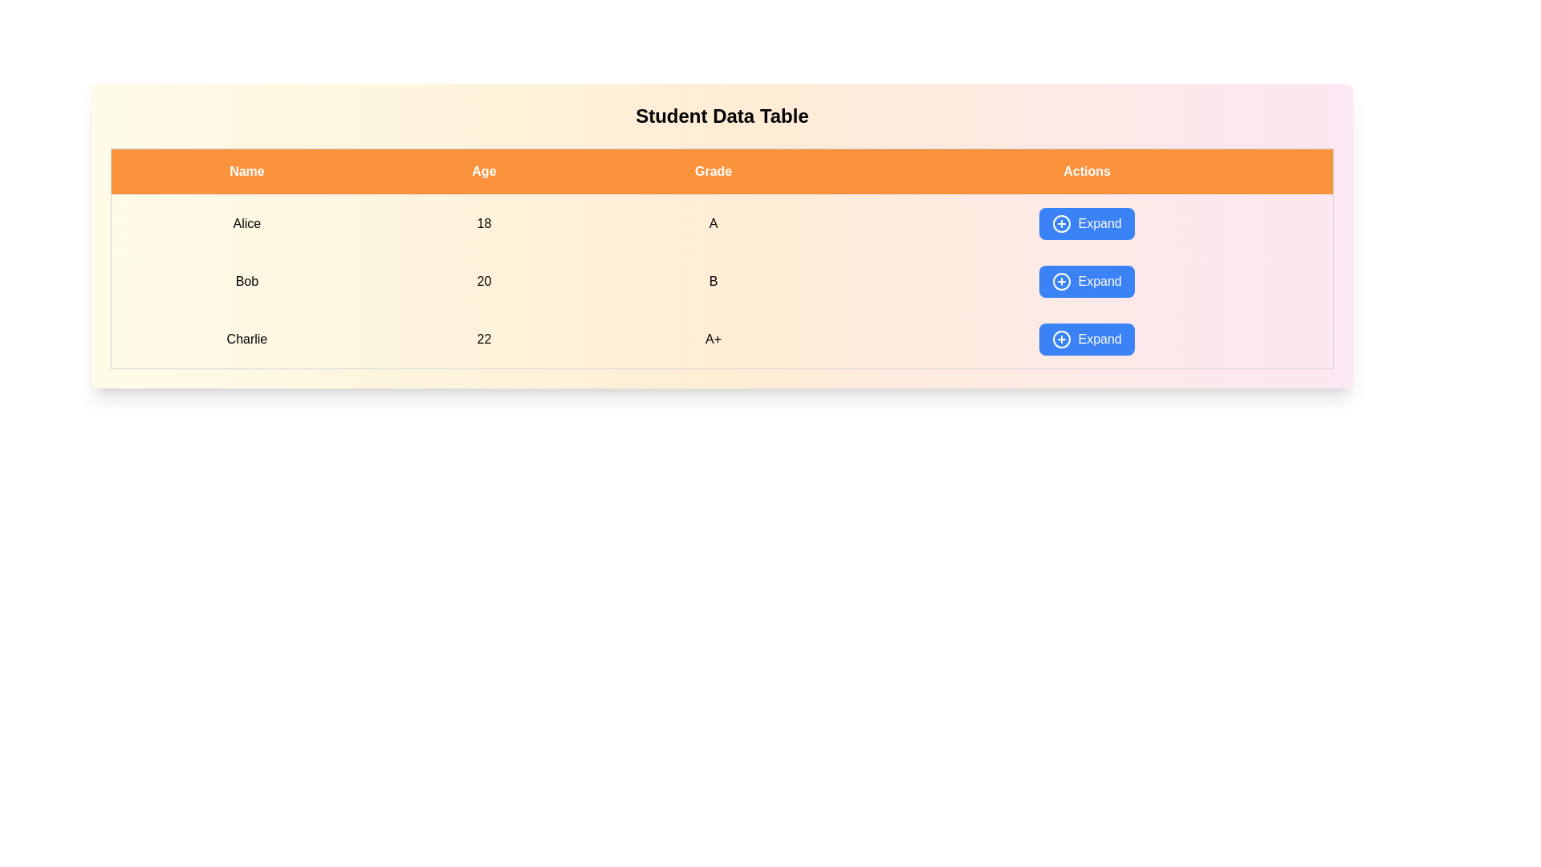 The height and width of the screenshot is (867, 1541). Describe the element at coordinates (1062, 223) in the screenshot. I see `the SVG icon (circle plus) located in the center of the button for the first row in the table under the 'Actions' column` at that location.